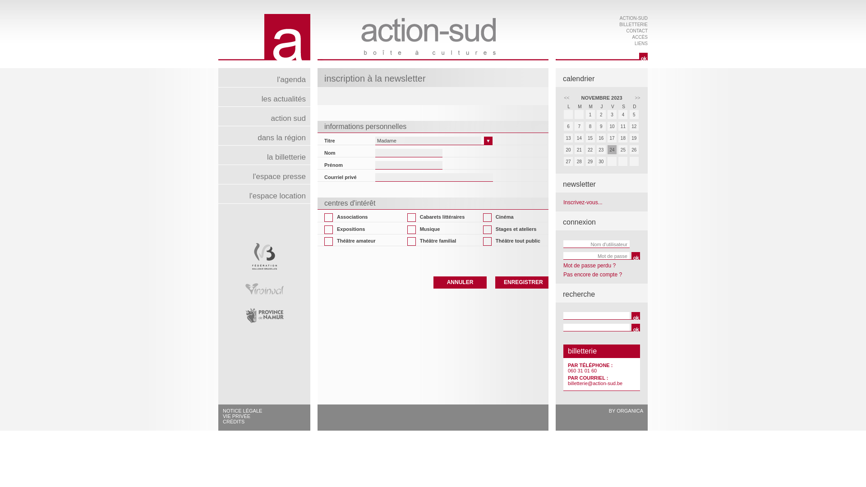 This screenshot has height=487, width=866. Describe the element at coordinates (634, 127) in the screenshot. I see `'12'` at that location.